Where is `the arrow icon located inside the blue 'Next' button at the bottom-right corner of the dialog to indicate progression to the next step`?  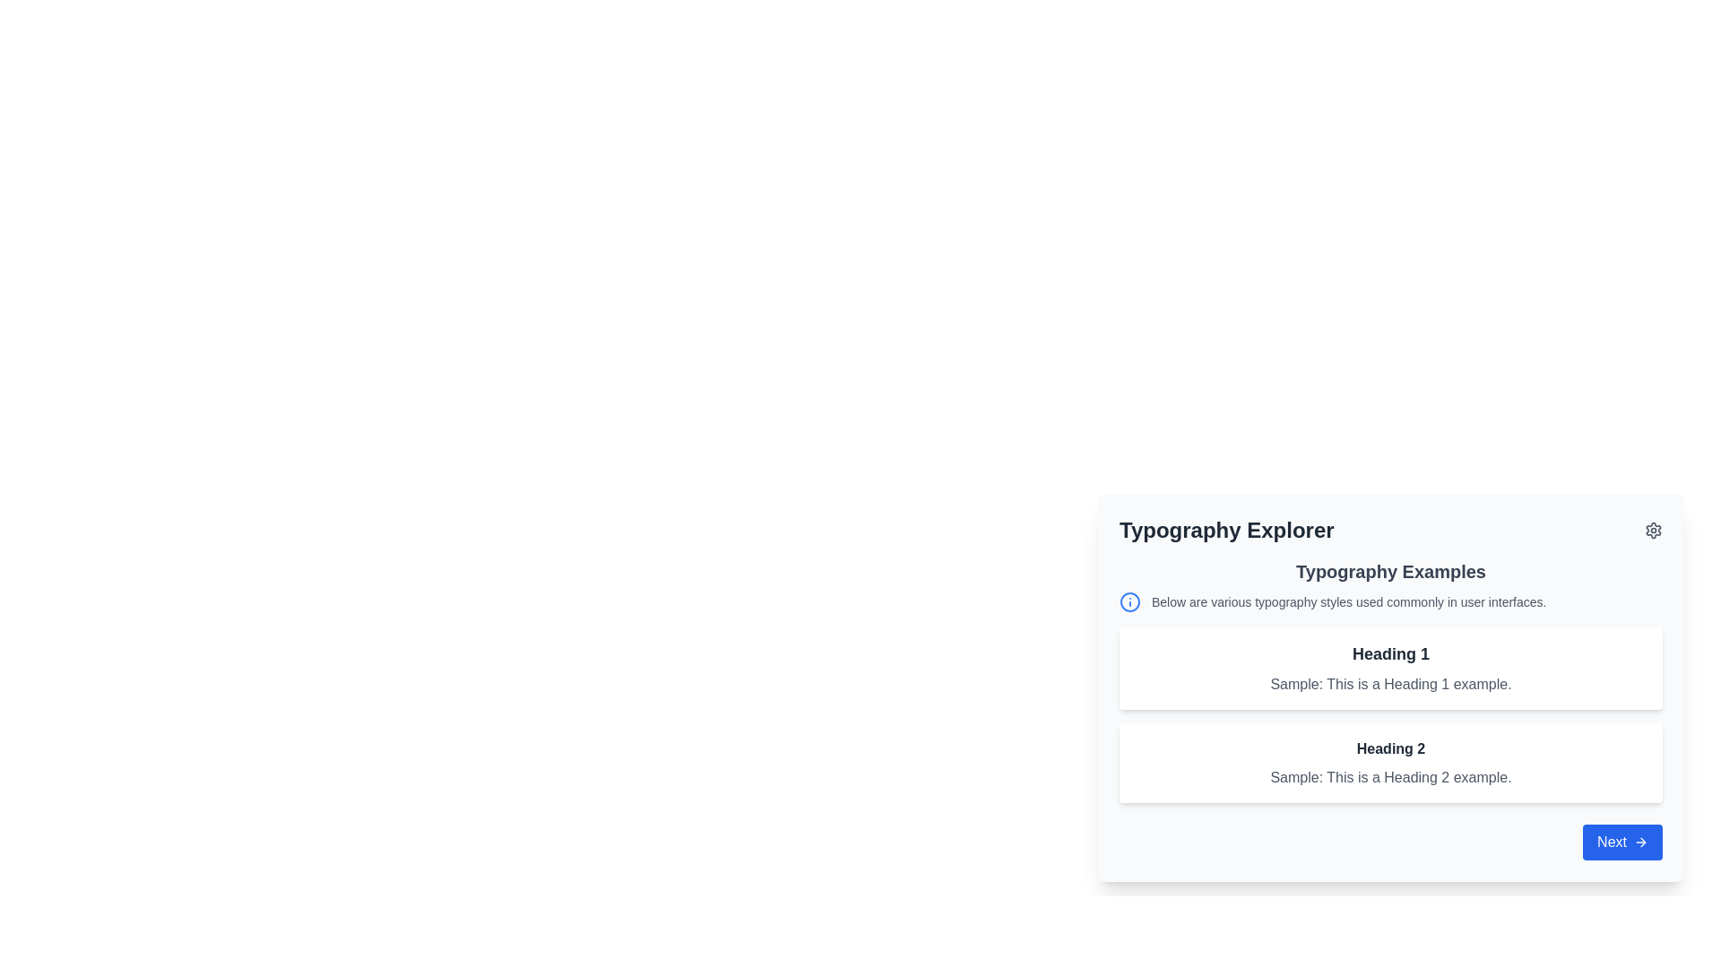
the arrow icon located inside the blue 'Next' button at the bottom-right corner of the dialog to indicate progression to the next step is located at coordinates (1640, 843).